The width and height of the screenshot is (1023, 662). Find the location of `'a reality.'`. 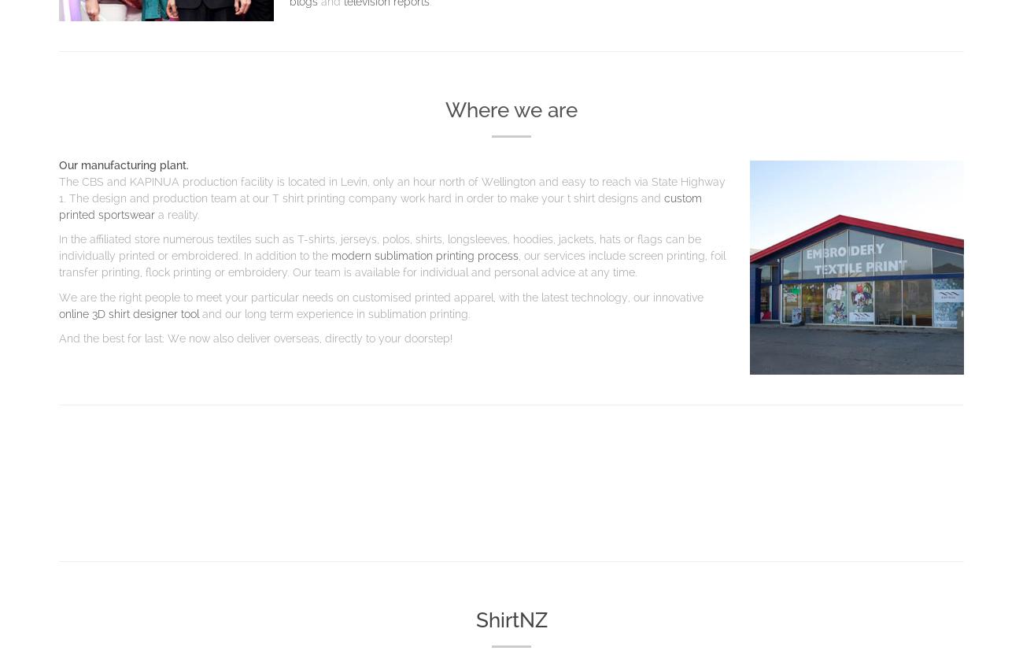

'a reality.' is located at coordinates (176, 213).